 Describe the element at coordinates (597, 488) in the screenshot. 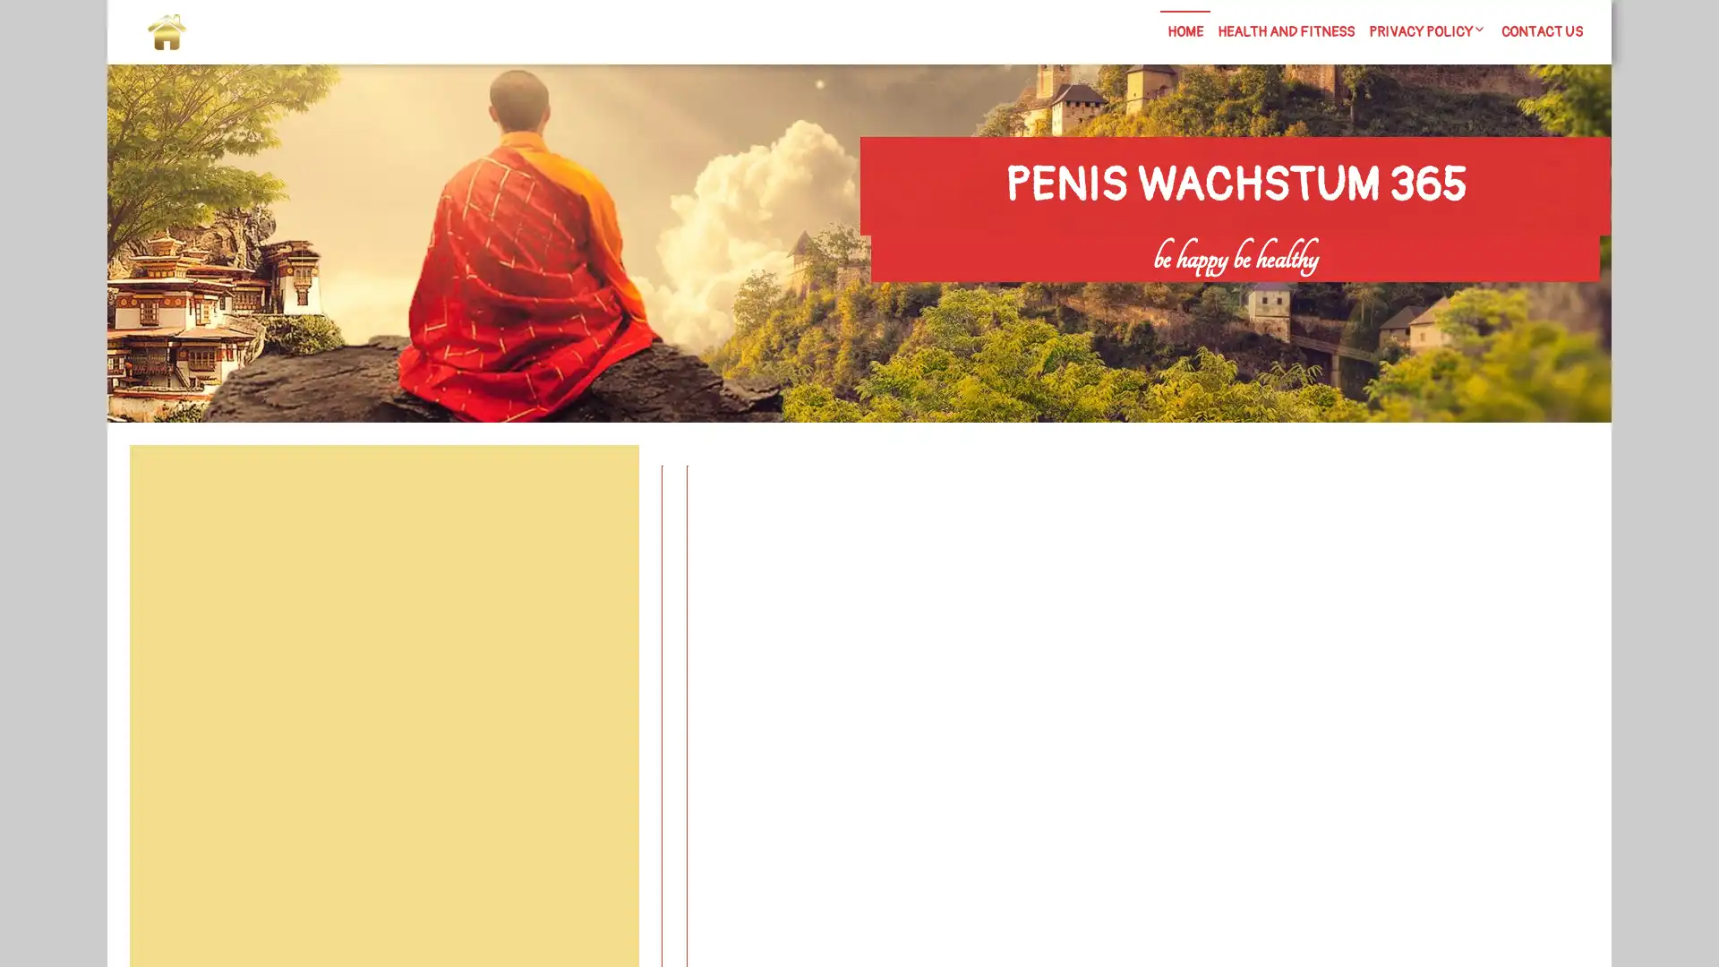

I see `Search` at that location.